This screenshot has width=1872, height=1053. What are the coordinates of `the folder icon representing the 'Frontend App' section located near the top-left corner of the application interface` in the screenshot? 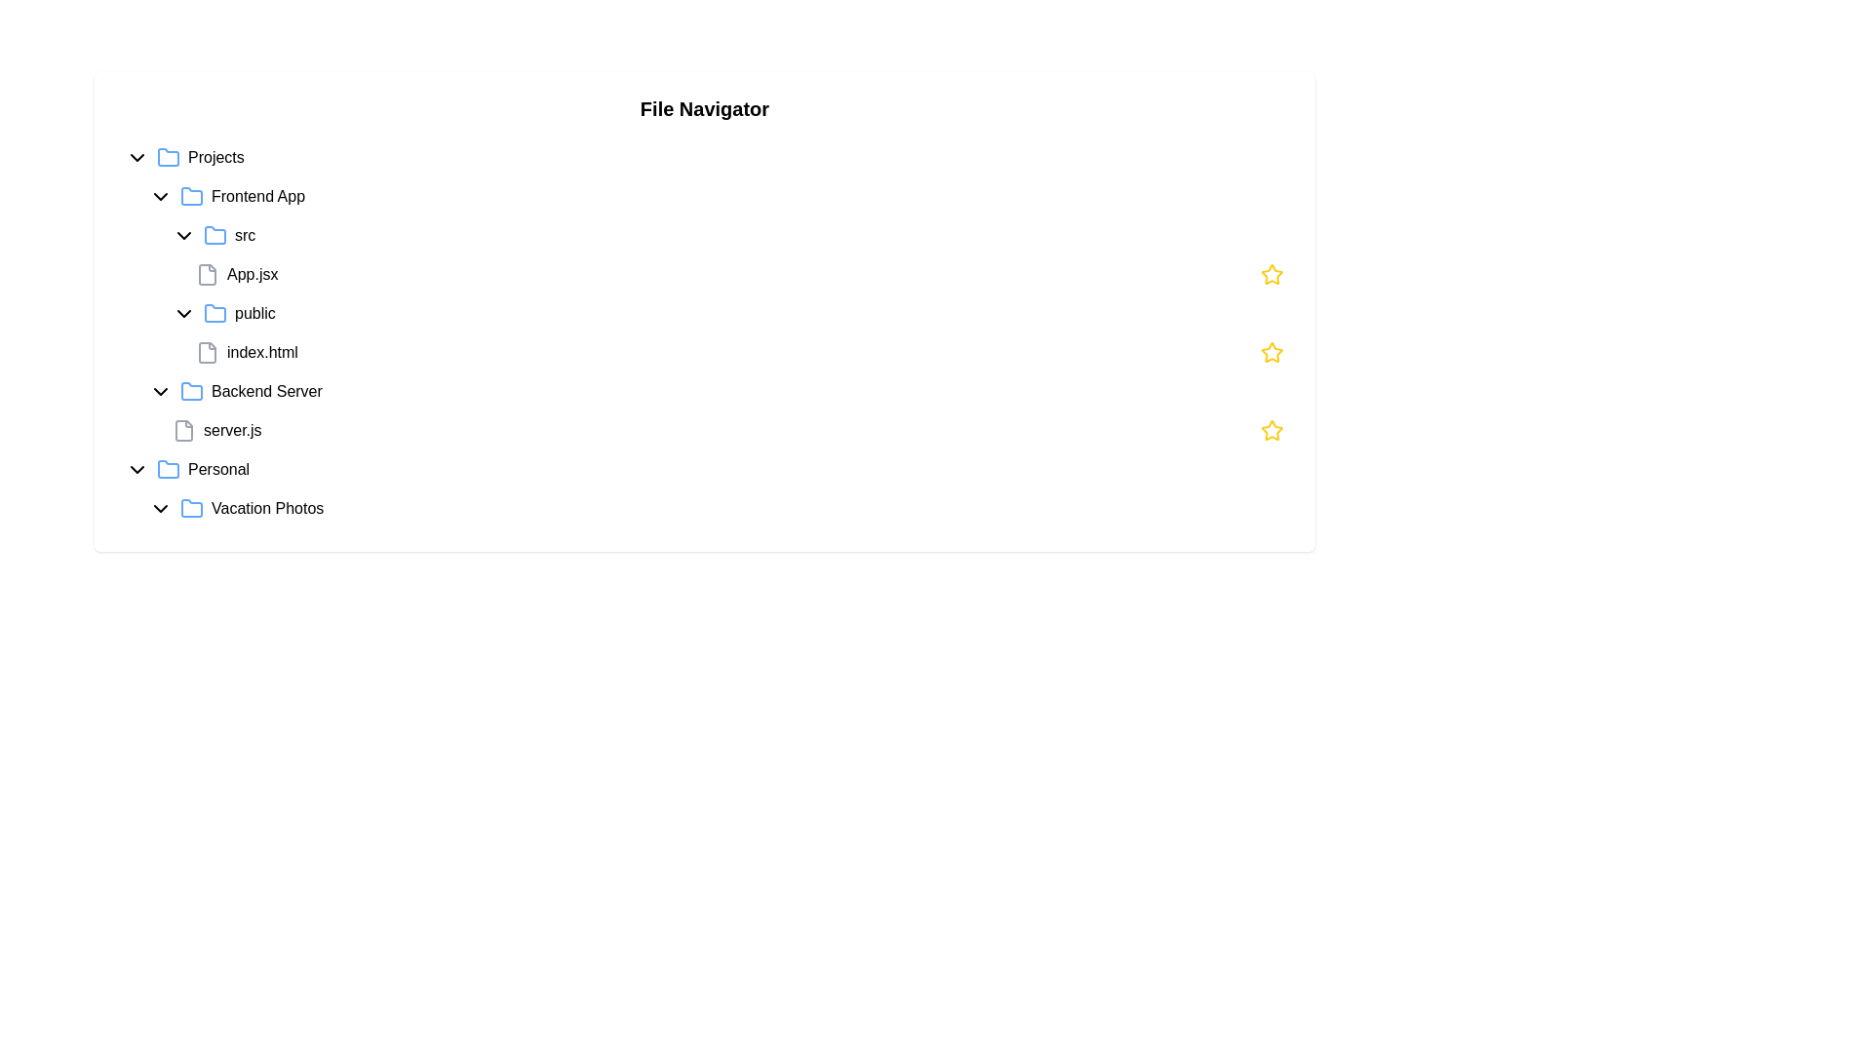 It's located at (191, 196).